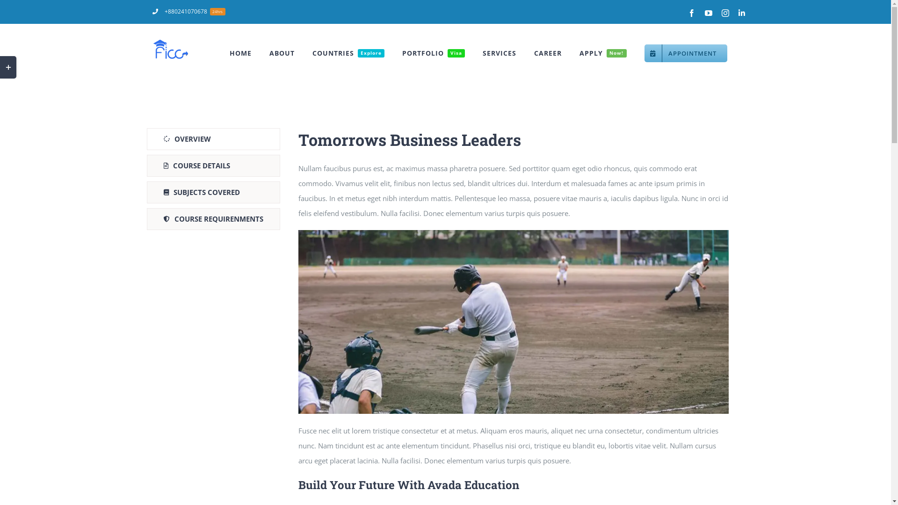  I want to click on 'SERVICES', so click(499, 53).